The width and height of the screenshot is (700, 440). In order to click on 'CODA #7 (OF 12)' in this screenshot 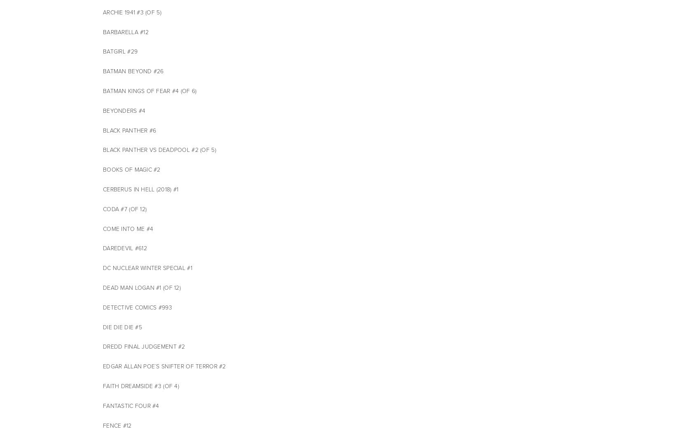, I will do `click(124, 208)`.